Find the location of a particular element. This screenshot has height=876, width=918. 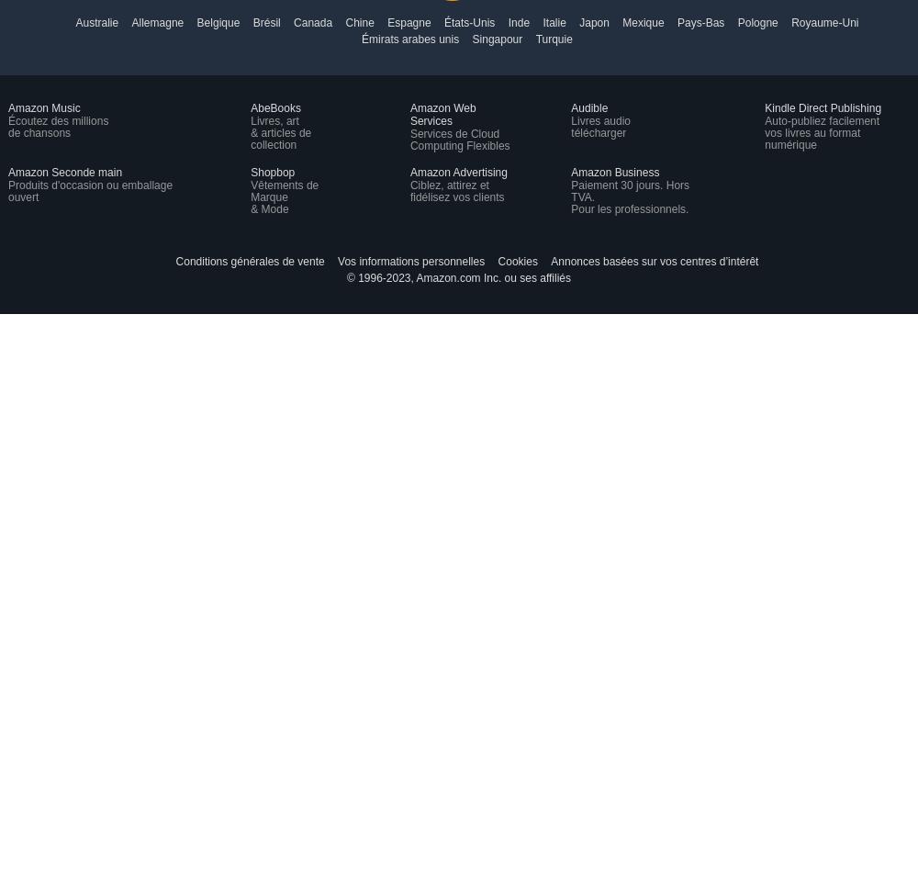

'Vos informations personnelles' is located at coordinates (337, 261).